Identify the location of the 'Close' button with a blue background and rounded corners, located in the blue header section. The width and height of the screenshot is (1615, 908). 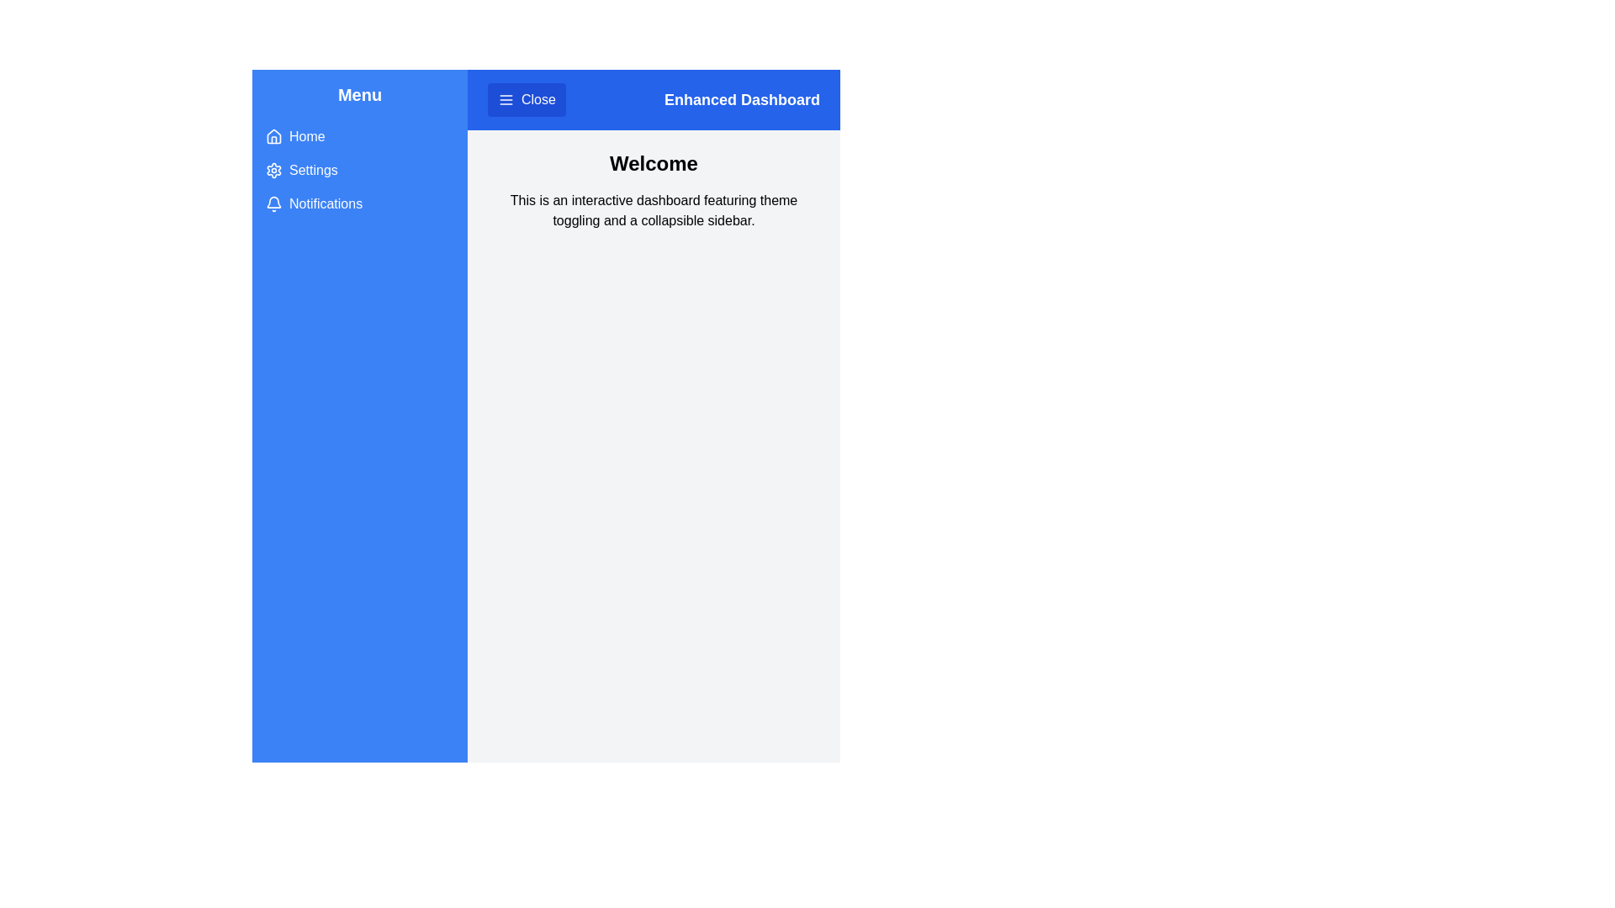
(525, 100).